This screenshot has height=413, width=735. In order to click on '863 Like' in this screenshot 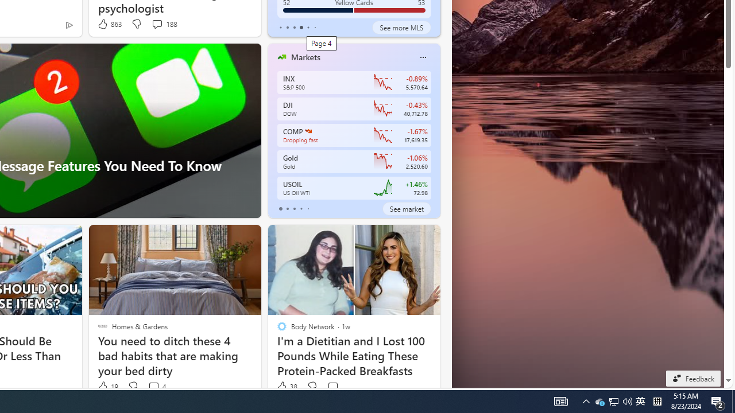, I will do `click(109, 24)`.